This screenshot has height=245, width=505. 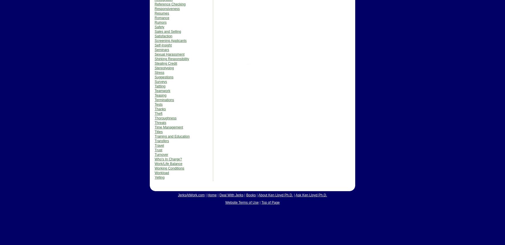 What do you see at coordinates (158, 132) in the screenshot?
I see `'Titles'` at bounding box center [158, 132].